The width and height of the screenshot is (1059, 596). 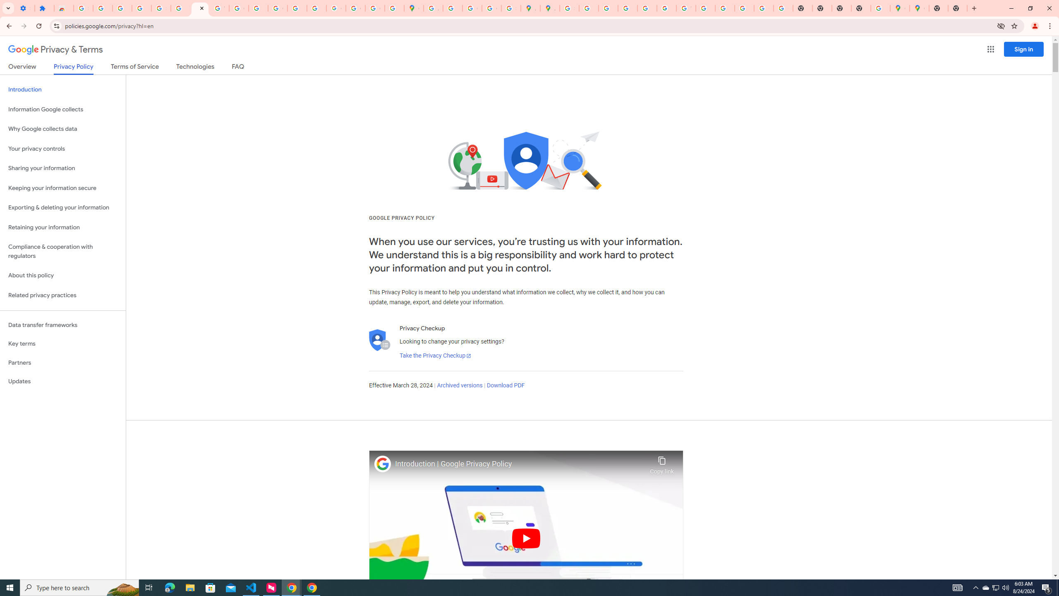 I want to click on 'Reviews: Helix Fruit Jump Arcade Game', so click(x=64, y=8).